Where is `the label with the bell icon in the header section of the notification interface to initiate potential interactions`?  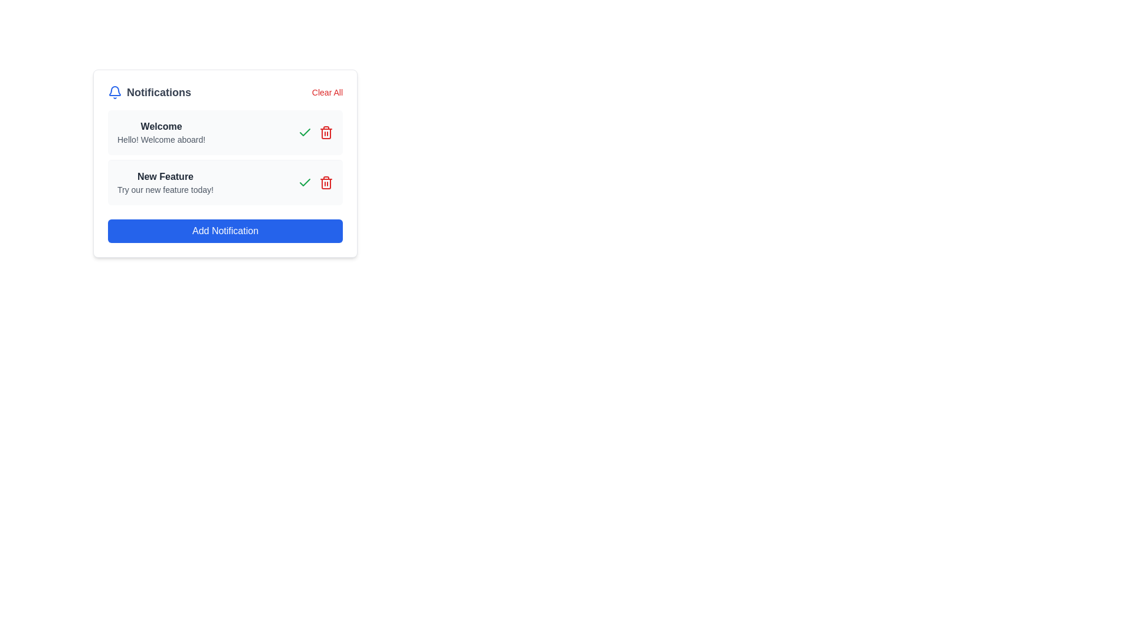 the label with the bell icon in the header section of the notification interface to initiate potential interactions is located at coordinates (149, 92).